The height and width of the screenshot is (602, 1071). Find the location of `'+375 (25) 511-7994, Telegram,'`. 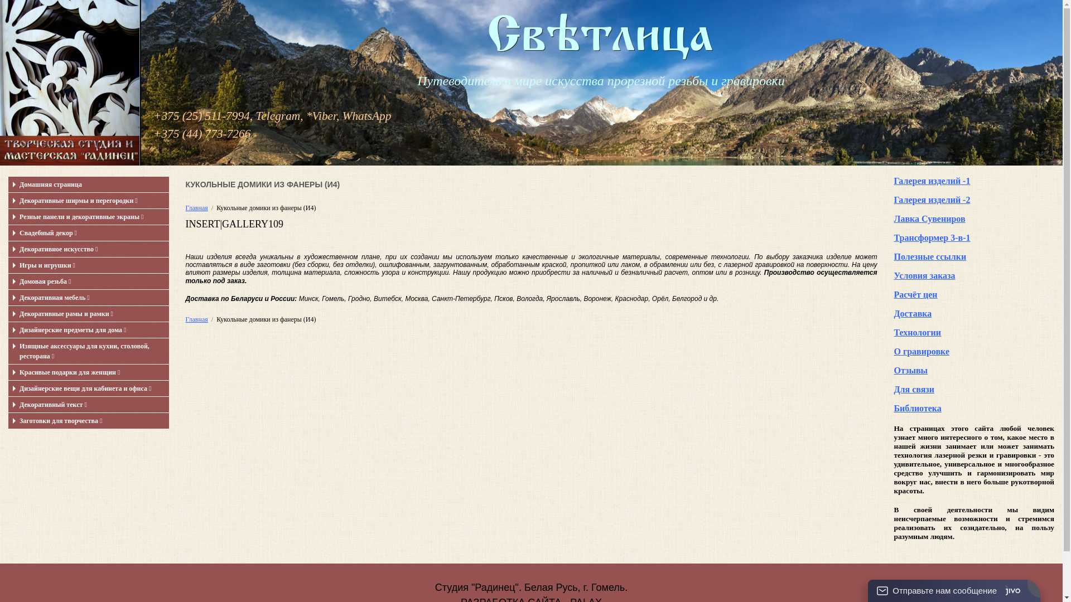

'+375 (25) 511-7994, Telegram,' is located at coordinates (228, 116).